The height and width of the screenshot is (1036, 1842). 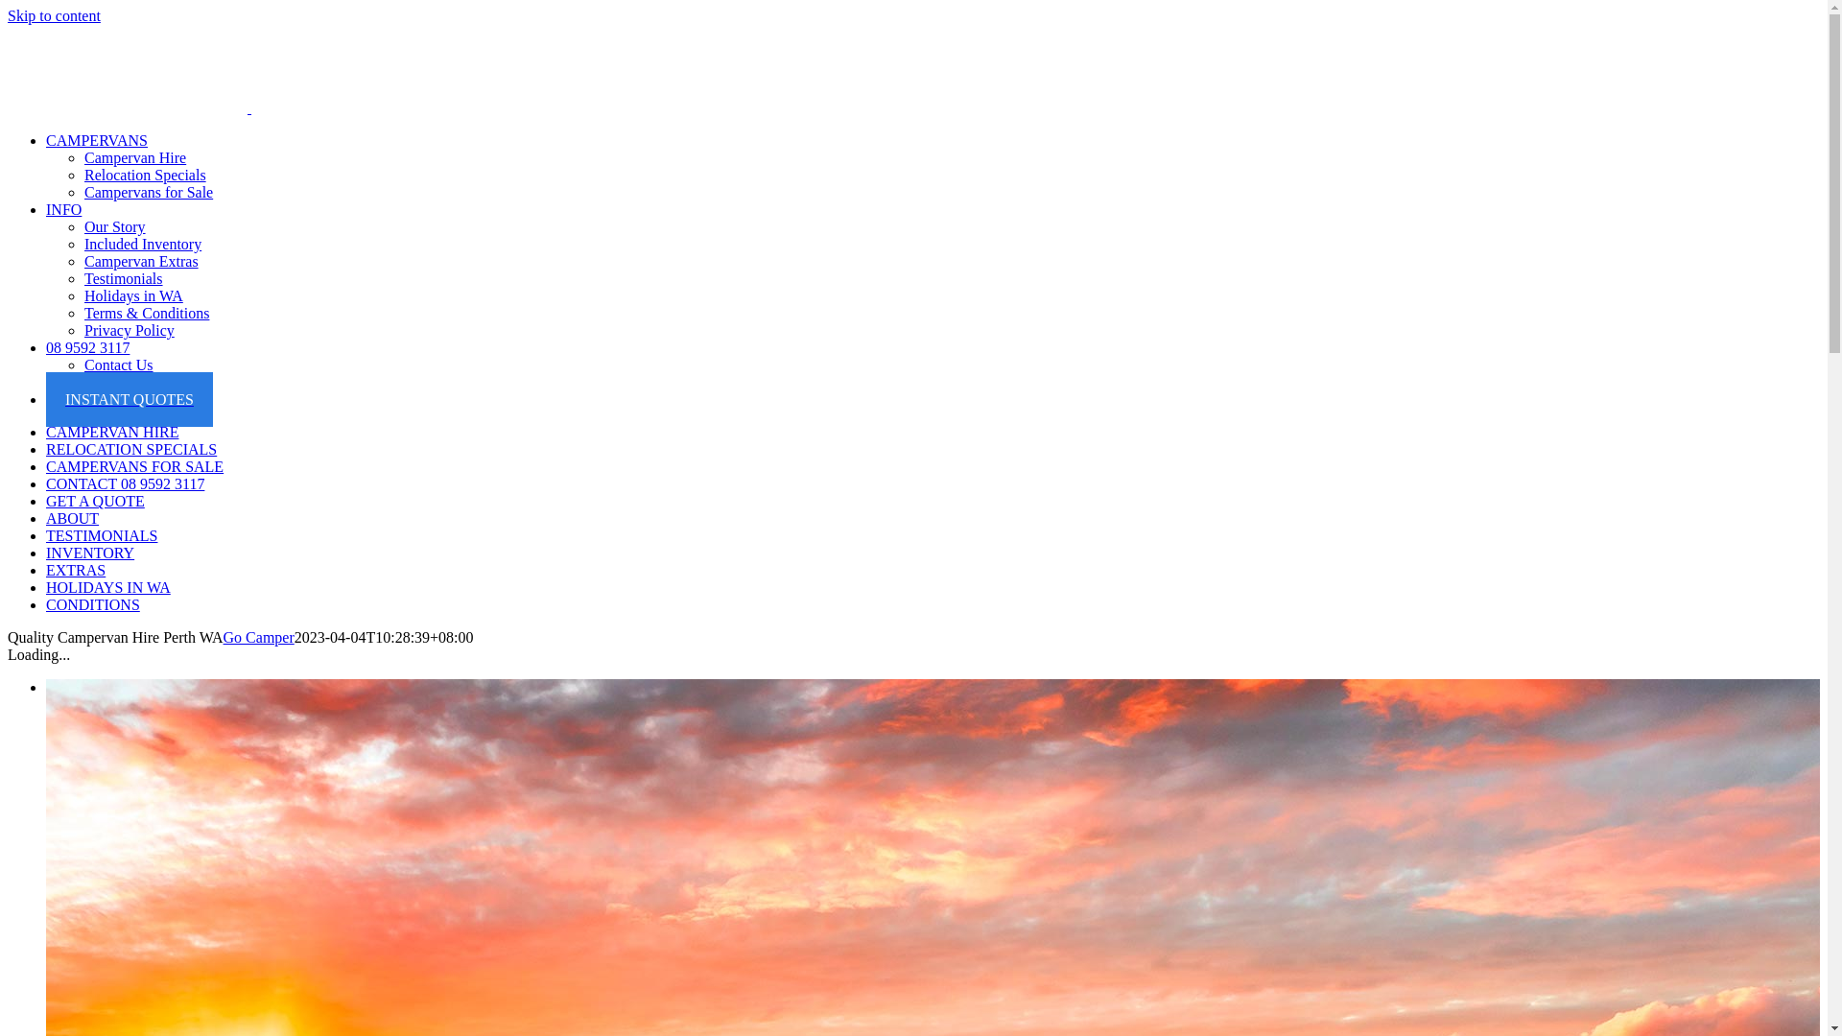 What do you see at coordinates (86, 347) in the screenshot?
I see `'08 9592 3117'` at bounding box center [86, 347].